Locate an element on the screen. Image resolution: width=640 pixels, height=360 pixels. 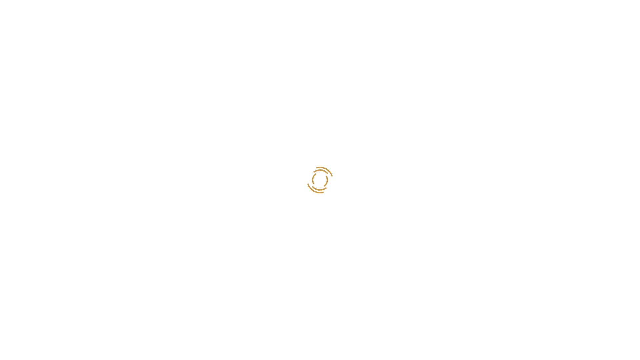
'EN' is located at coordinates (603, 11).